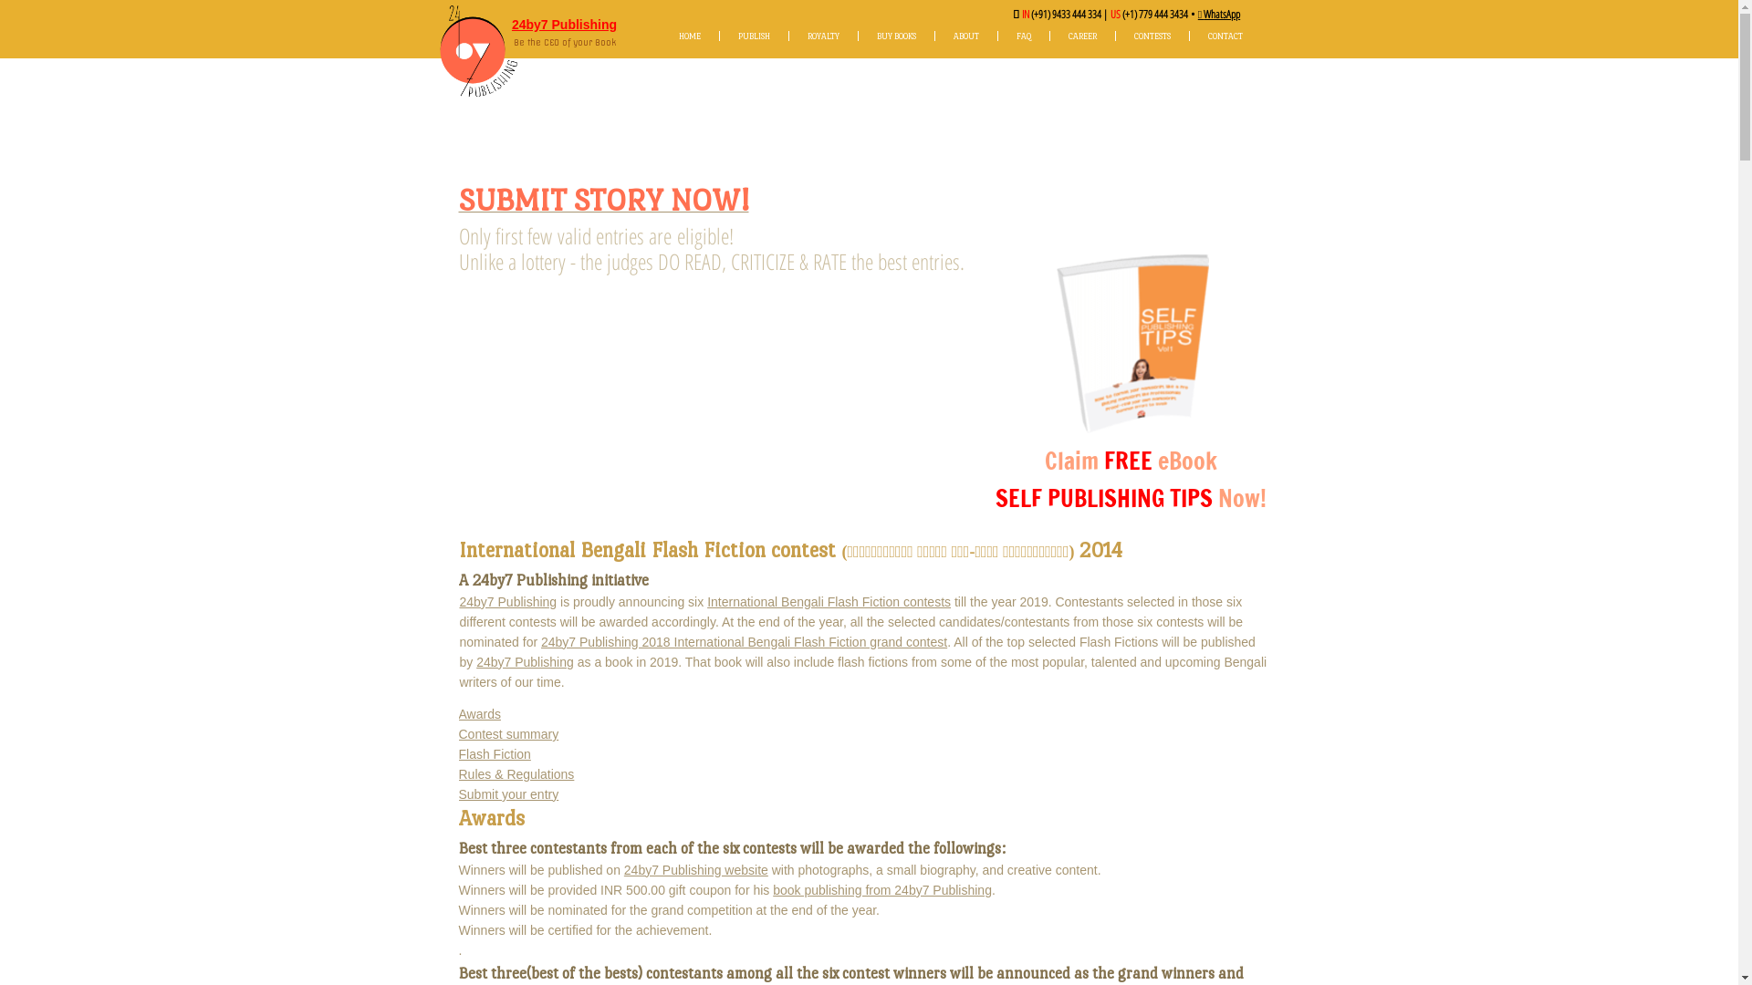 This screenshot has width=1752, height=985. What do you see at coordinates (828, 601) in the screenshot?
I see `'International Bengali Flash Fiction contests'` at bounding box center [828, 601].